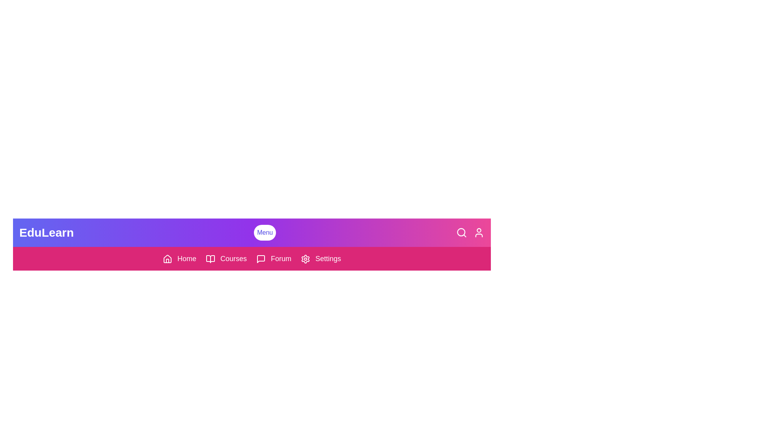  What do you see at coordinates (462, 232) in the screenshot?
I see `the 'Search' icon in the app bar` at bounding box center [462, 232].